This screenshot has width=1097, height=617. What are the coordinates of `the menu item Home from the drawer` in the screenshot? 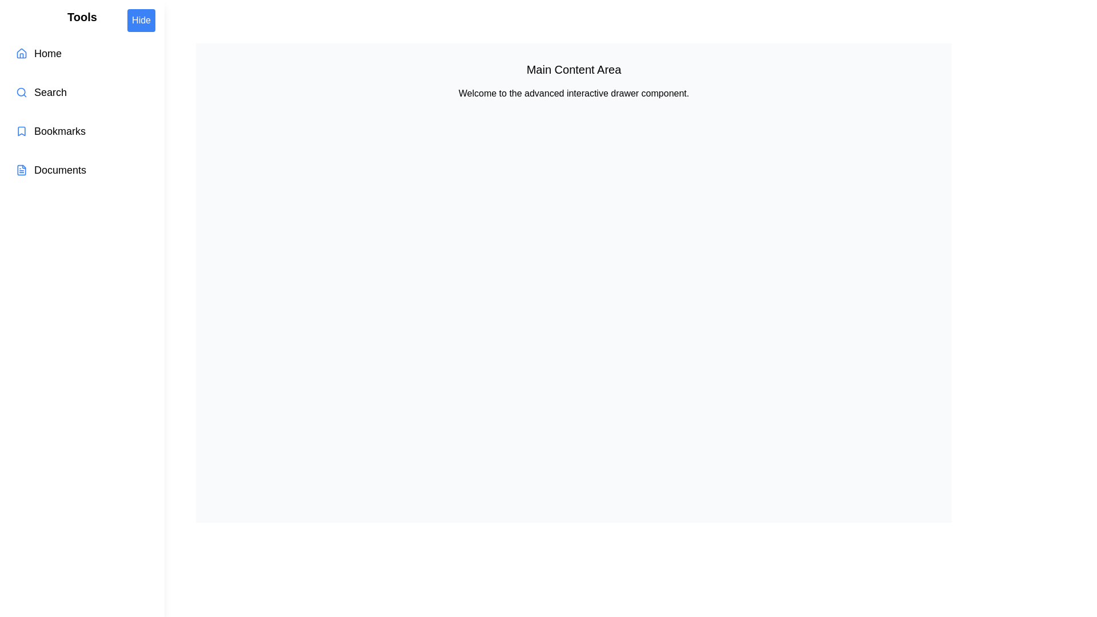 It's located at (82, 53).